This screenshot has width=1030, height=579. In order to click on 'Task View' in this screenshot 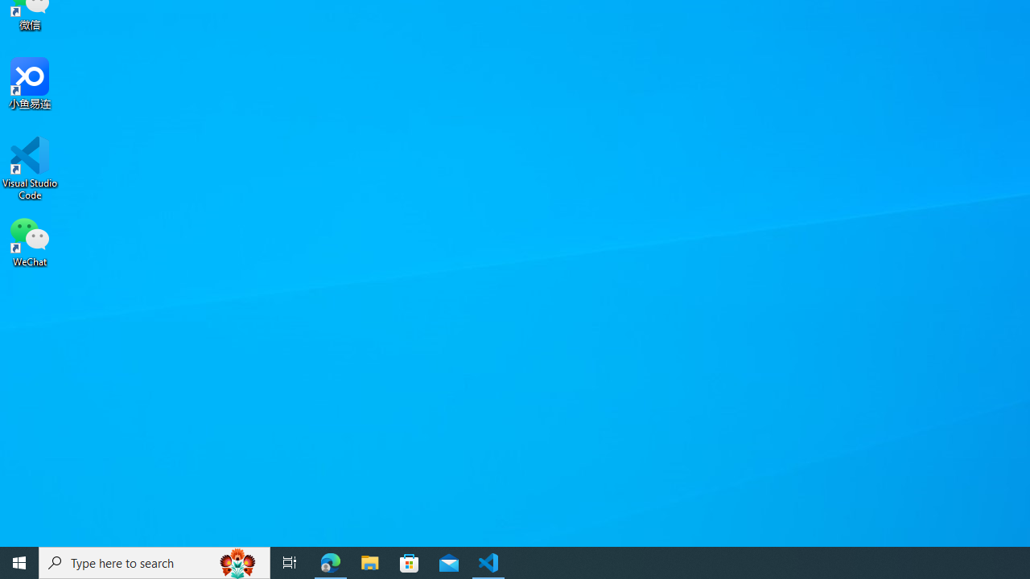, I will do `click(289, 561)`.